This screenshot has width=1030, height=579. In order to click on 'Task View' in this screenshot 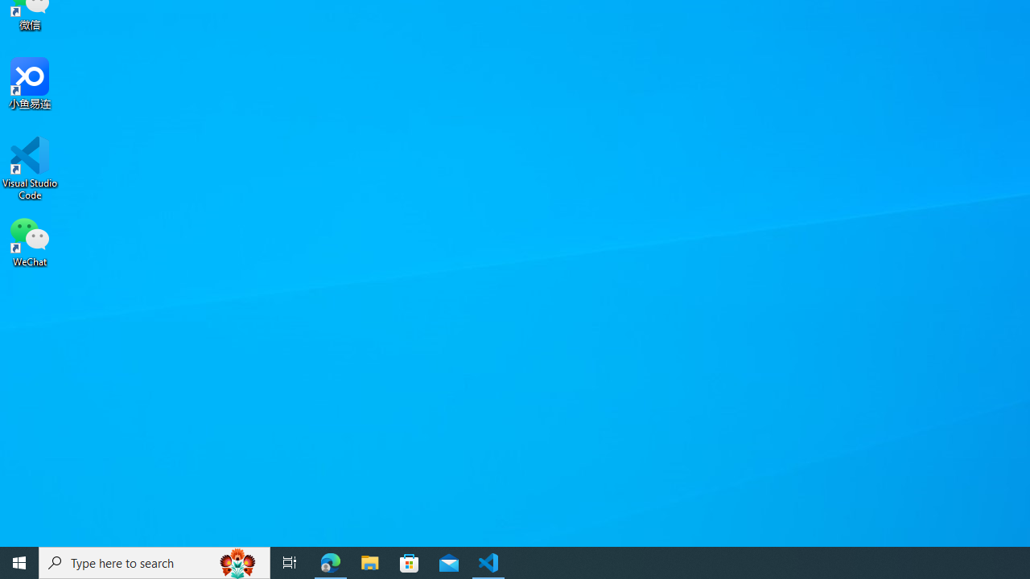, I will do `click(289, 561)`.